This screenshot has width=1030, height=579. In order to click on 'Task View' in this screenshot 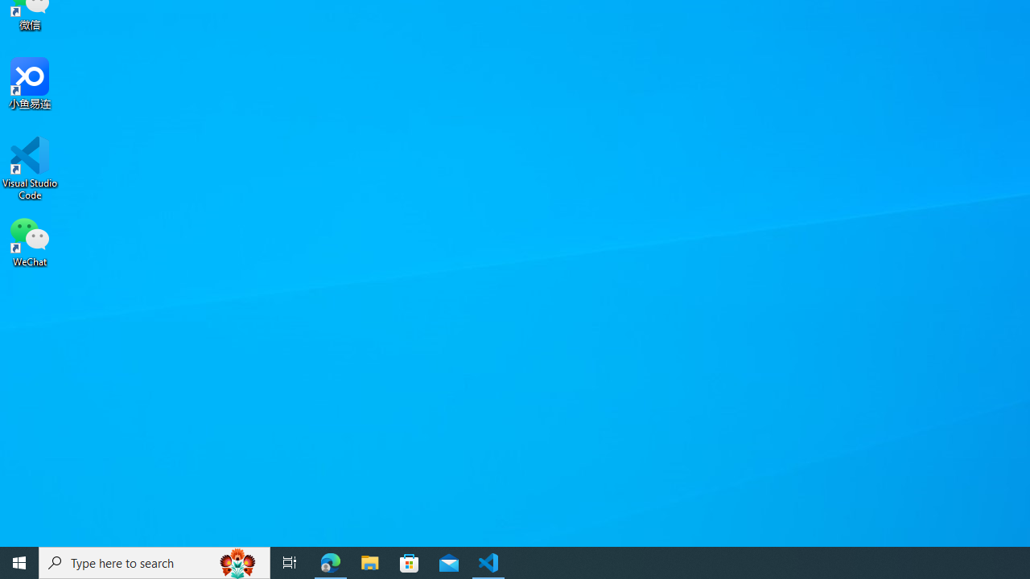, I will do `click(289, 561)`.